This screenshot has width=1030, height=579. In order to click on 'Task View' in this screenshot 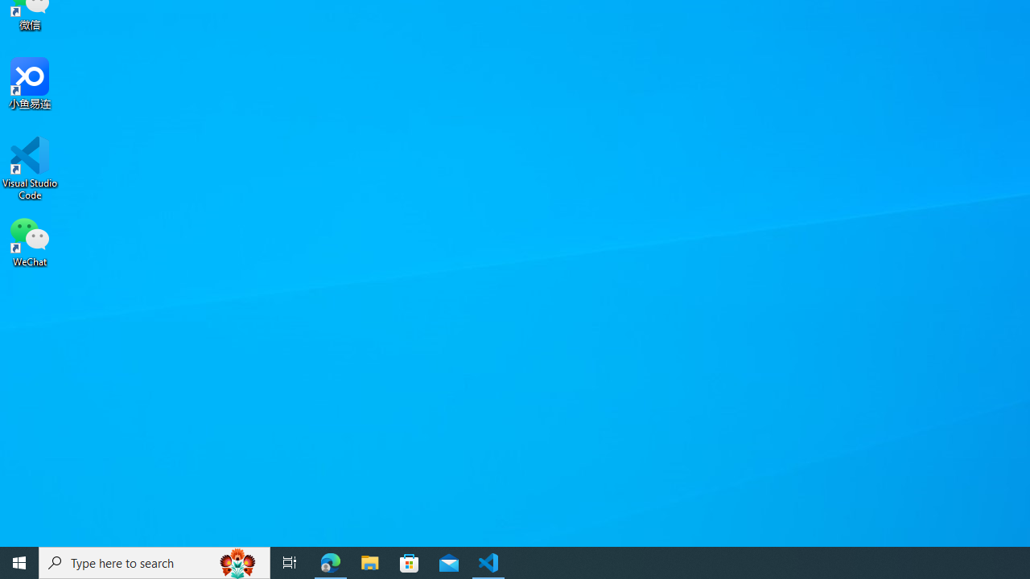, I will do `click(289, 561)`.